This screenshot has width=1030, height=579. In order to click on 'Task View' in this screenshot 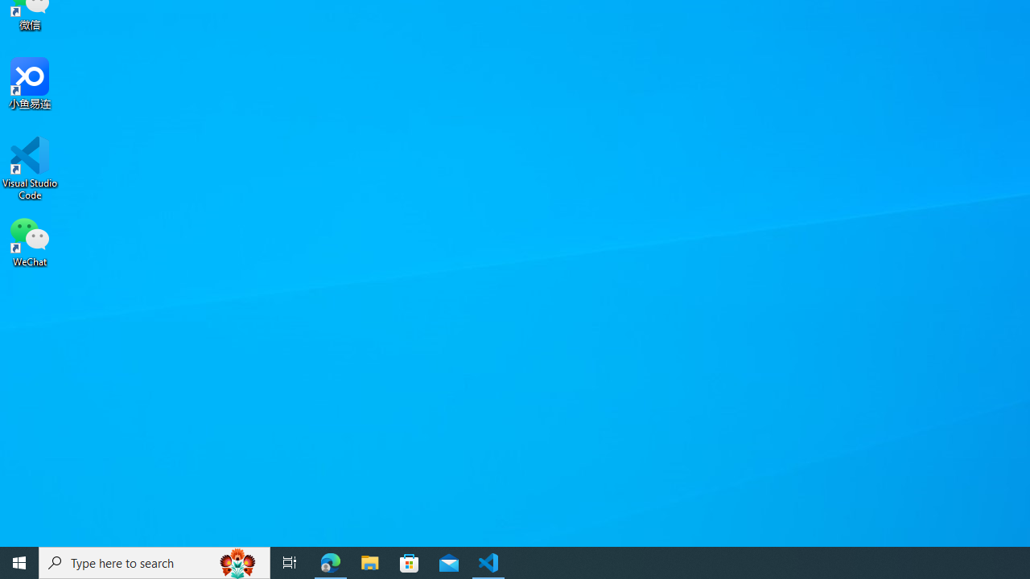, I will do `click(289, 561)`.